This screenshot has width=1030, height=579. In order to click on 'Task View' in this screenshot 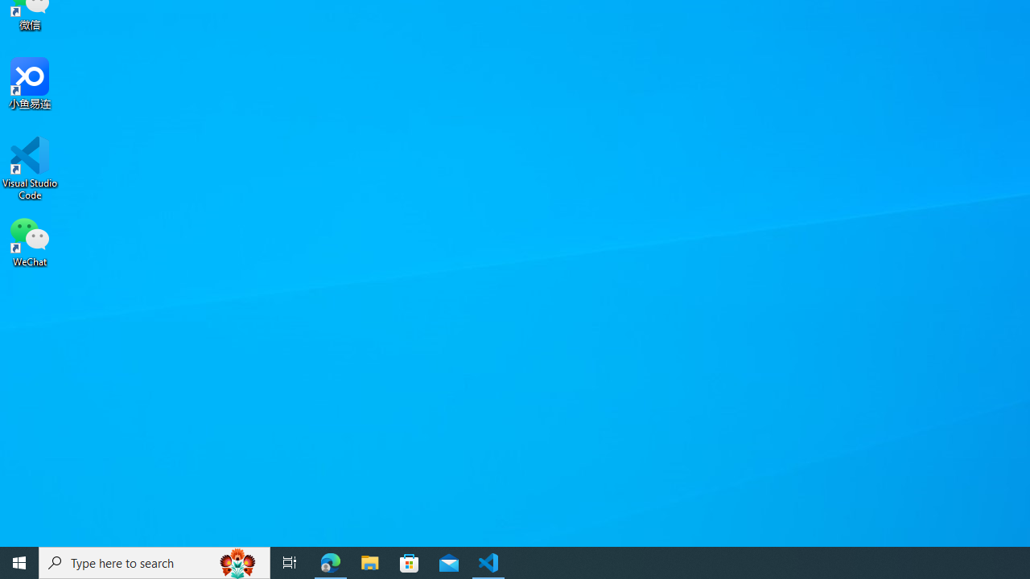, I will do `click(289, 561)`.